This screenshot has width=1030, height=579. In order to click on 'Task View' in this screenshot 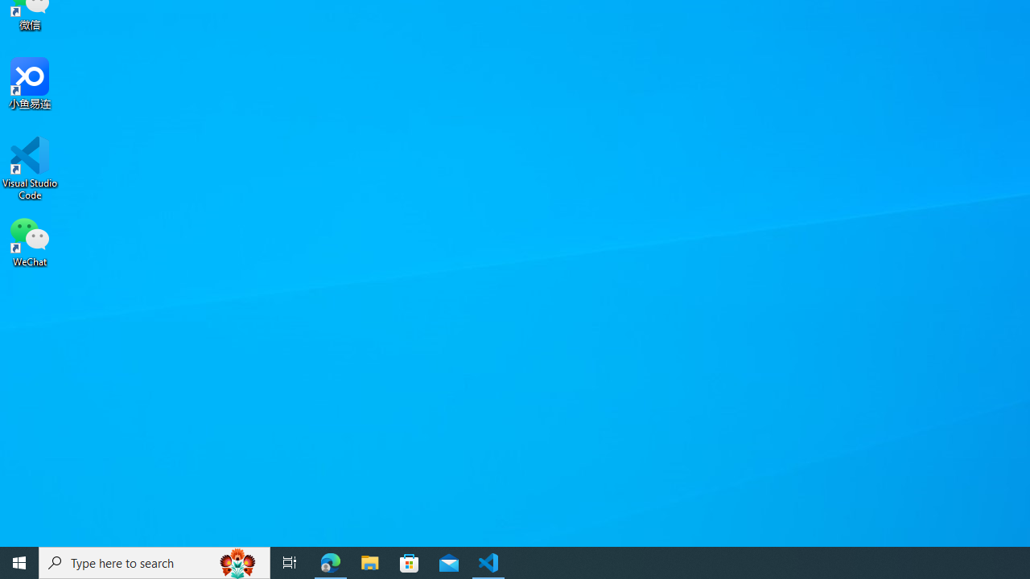, I will do `click(289, 561)`.